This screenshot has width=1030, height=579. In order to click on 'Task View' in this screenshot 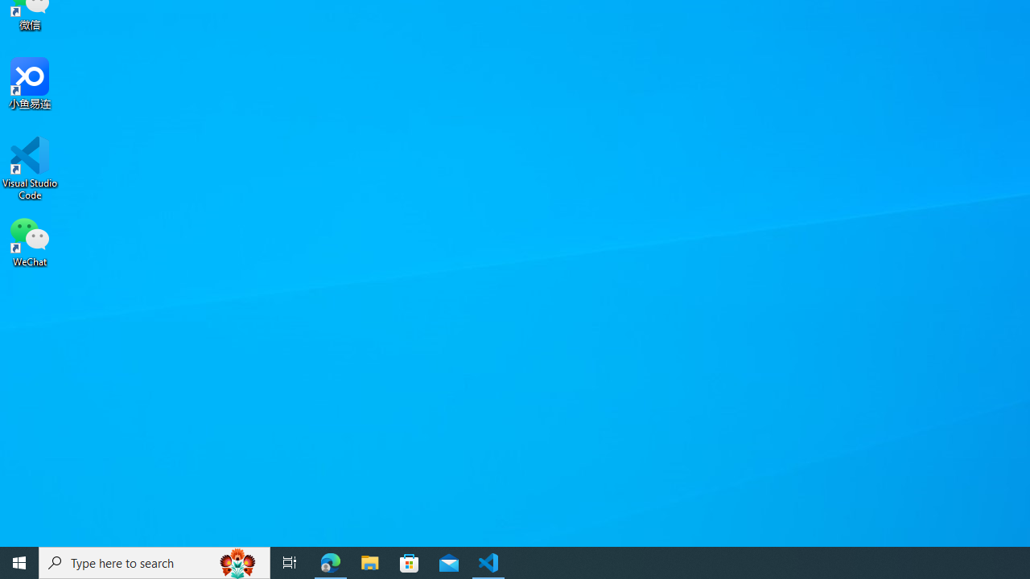, I will do `click(289, 561)`.